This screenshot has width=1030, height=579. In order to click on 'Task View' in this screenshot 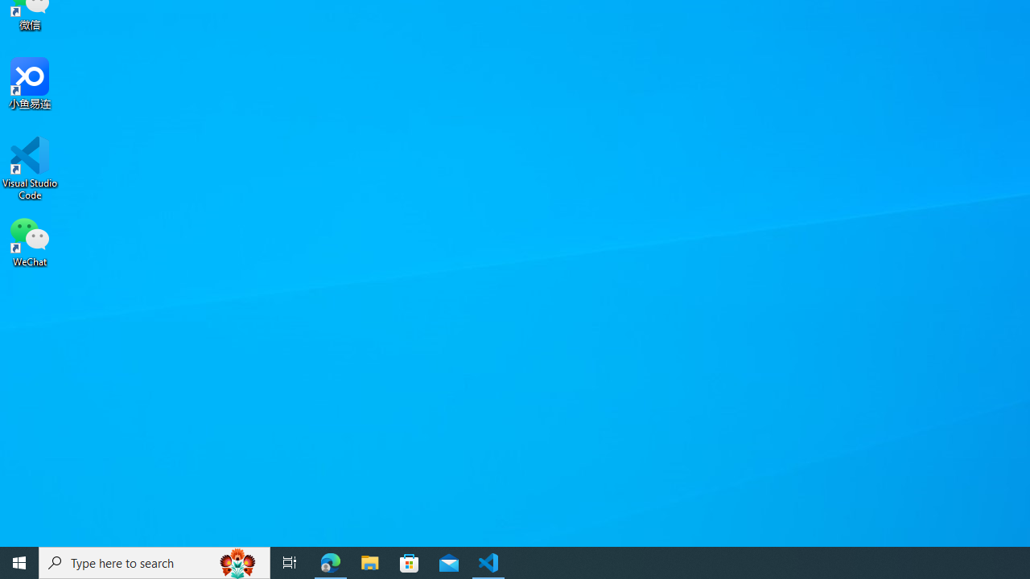, I will do `click(289, 561)`.